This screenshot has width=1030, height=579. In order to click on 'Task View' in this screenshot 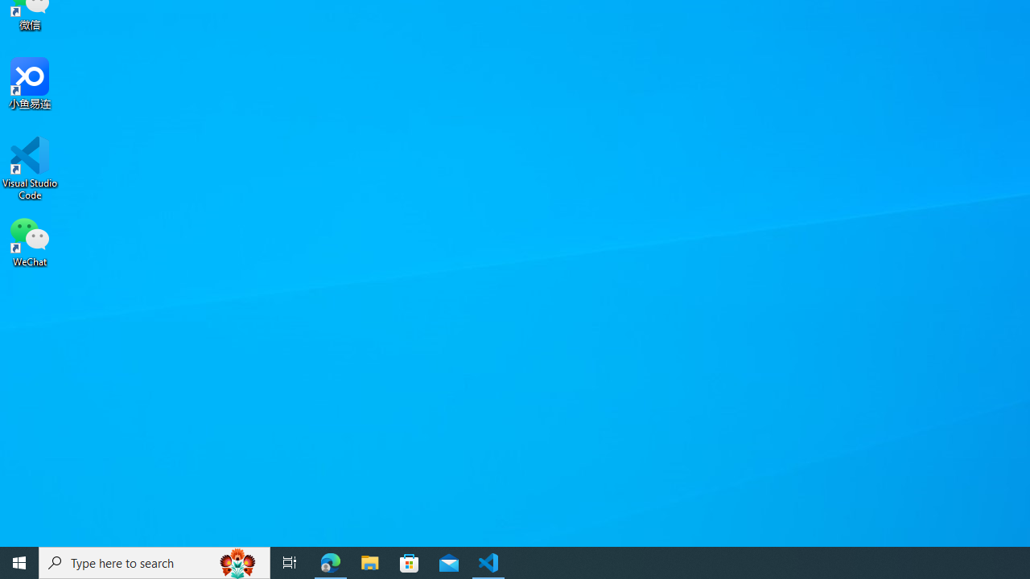, I will do `click(289, 561)`.